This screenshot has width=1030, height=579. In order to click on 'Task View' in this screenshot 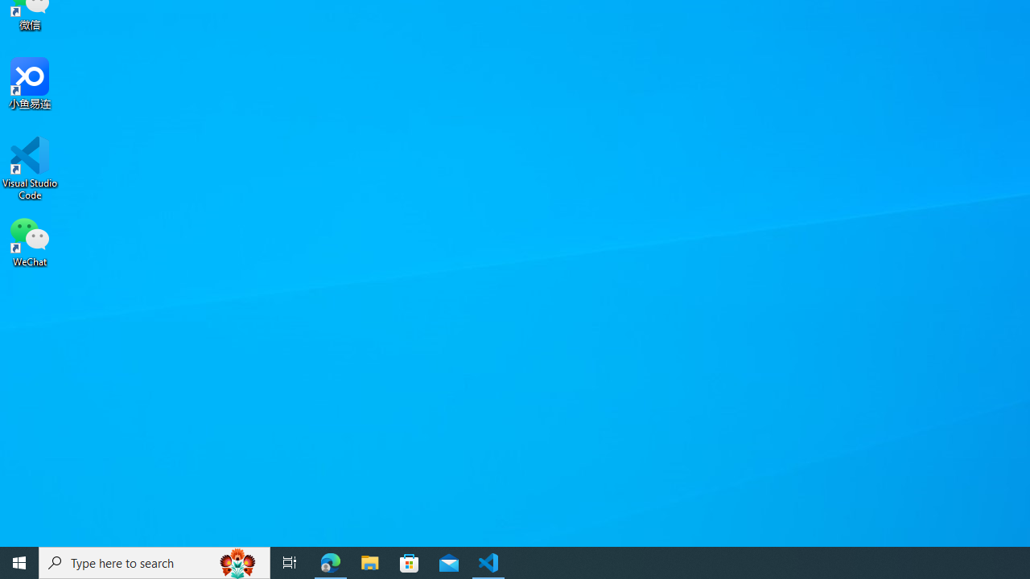, I will do `click(289, 561)`.